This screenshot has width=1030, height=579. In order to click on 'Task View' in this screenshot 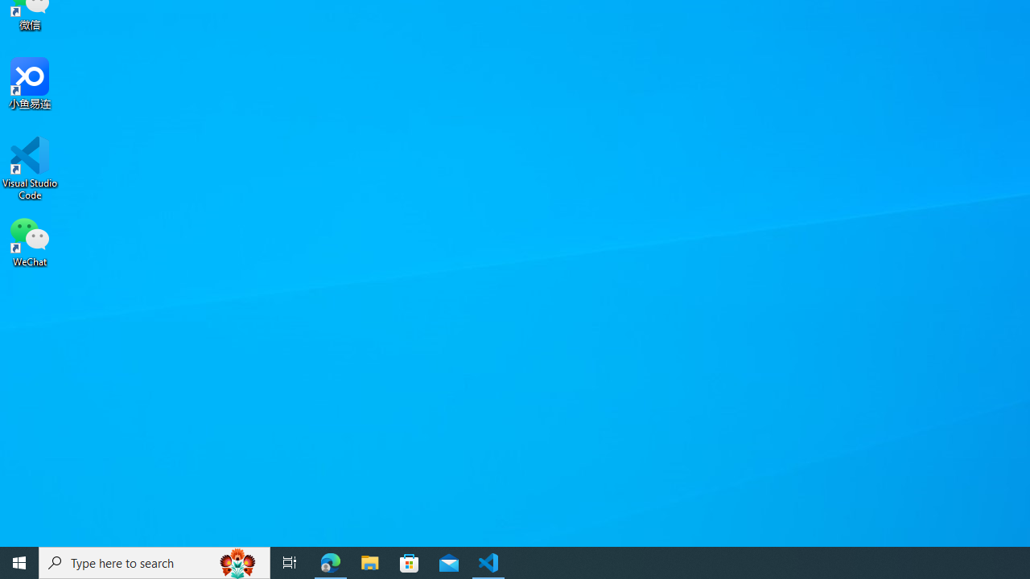, I will do `click(289, 561)`.